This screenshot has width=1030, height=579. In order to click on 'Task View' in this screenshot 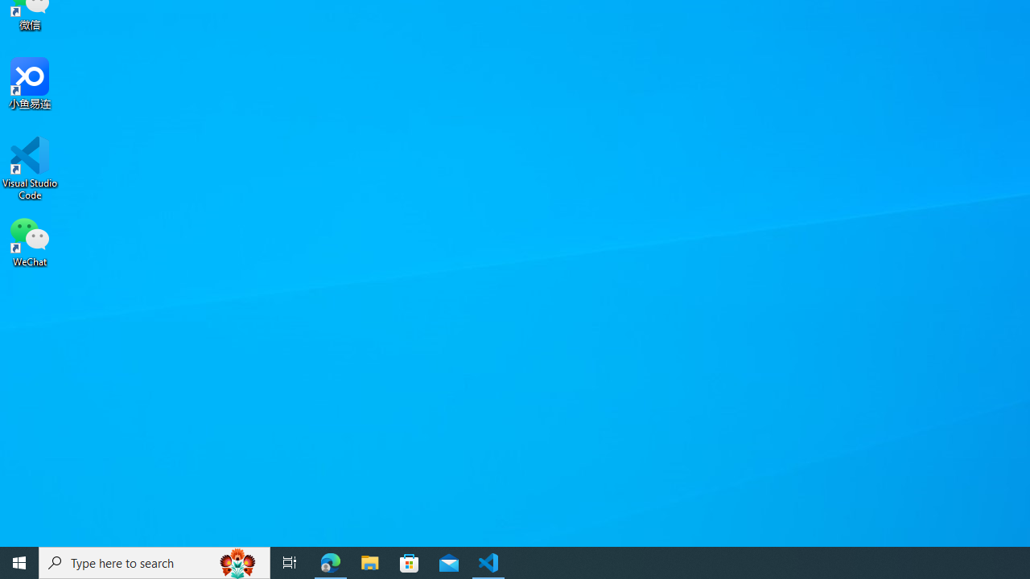, I will do `click(289, 561)`.